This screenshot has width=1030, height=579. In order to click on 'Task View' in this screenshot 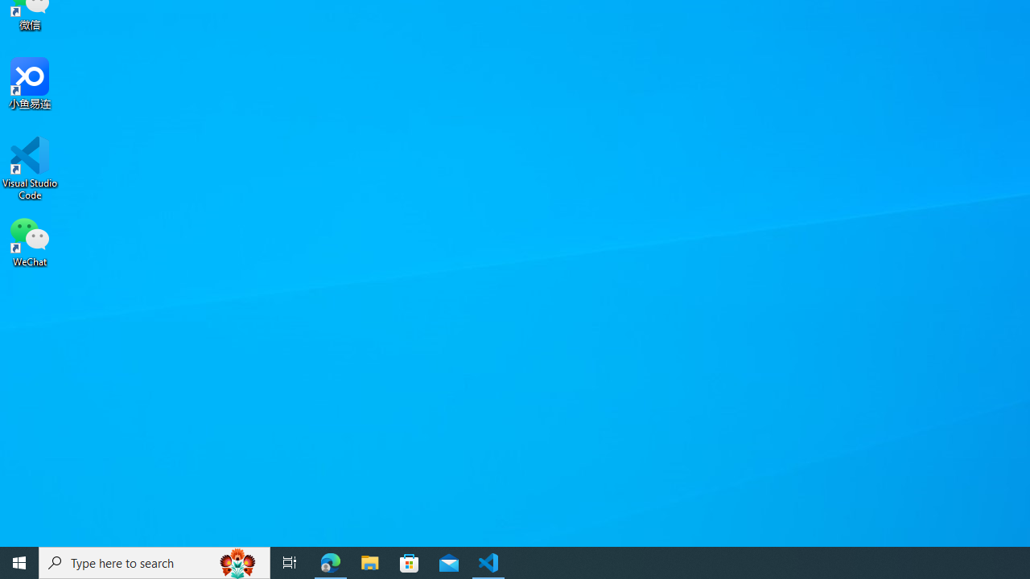, I will do `click(289, 561)`.